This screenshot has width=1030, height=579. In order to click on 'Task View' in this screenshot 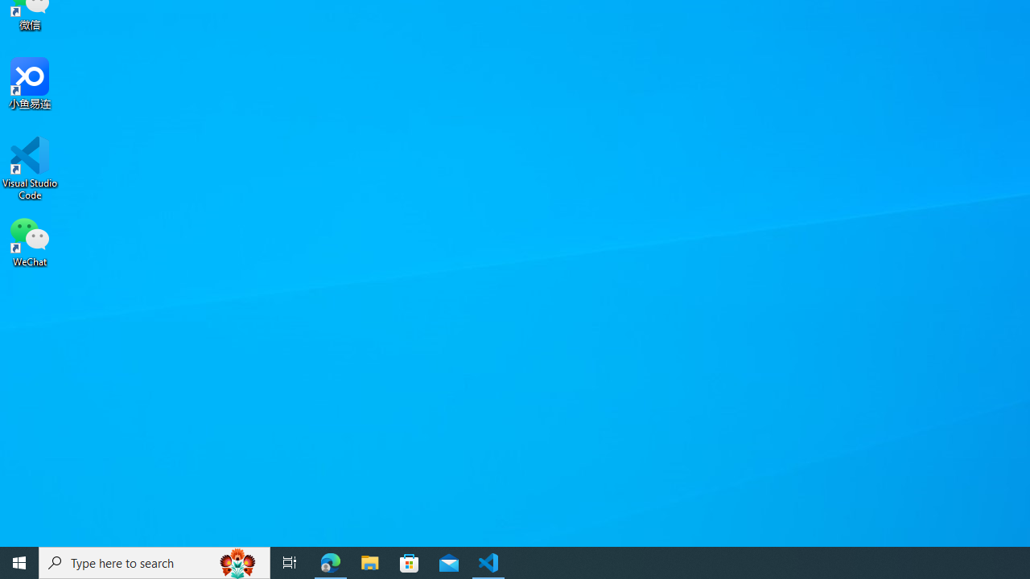, I will do `click(289, 561)`.